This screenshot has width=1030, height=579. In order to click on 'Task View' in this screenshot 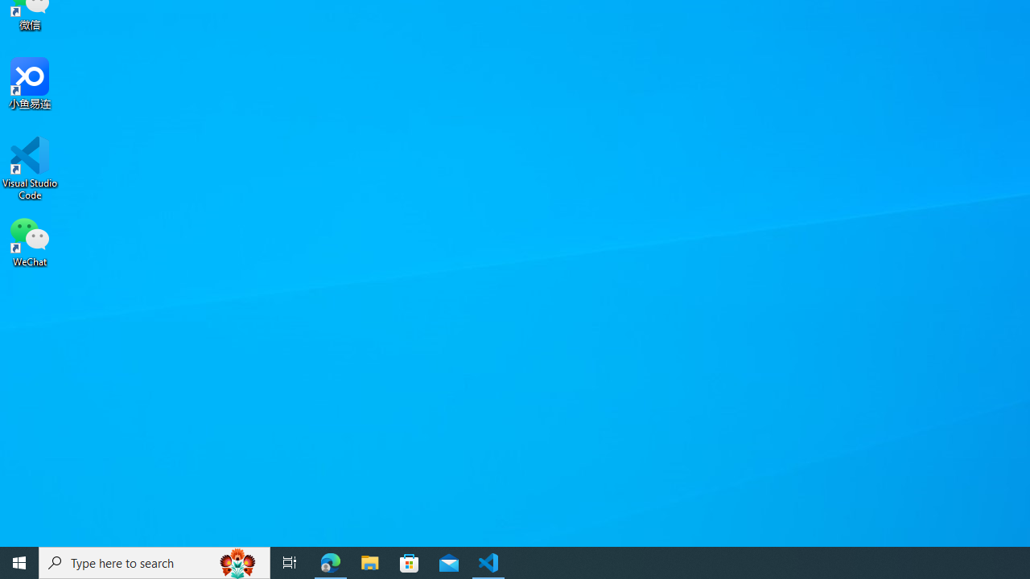, I will do `click(289, 561)`.